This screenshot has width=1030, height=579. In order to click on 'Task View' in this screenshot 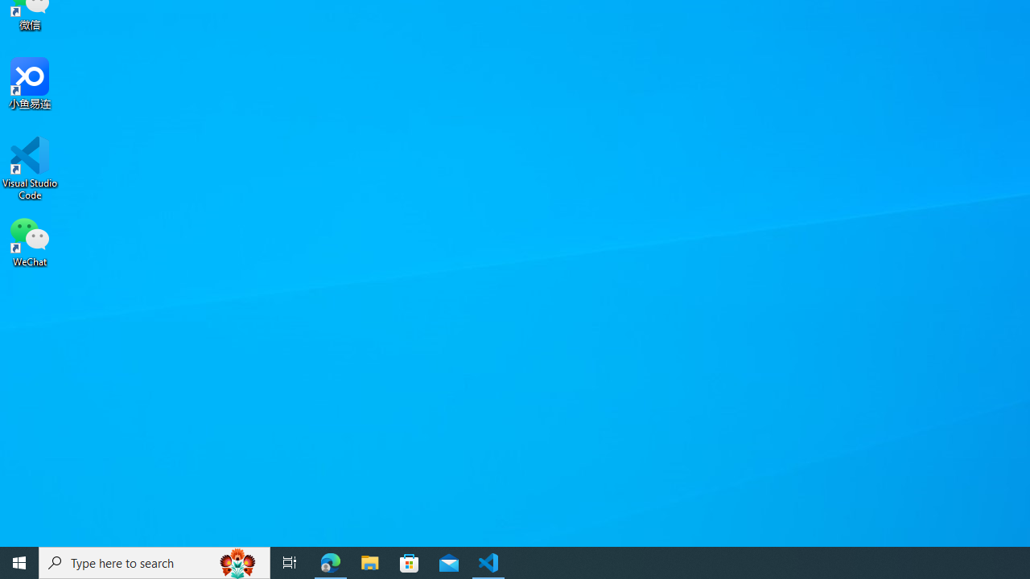, I will do `click(289, 561)`.